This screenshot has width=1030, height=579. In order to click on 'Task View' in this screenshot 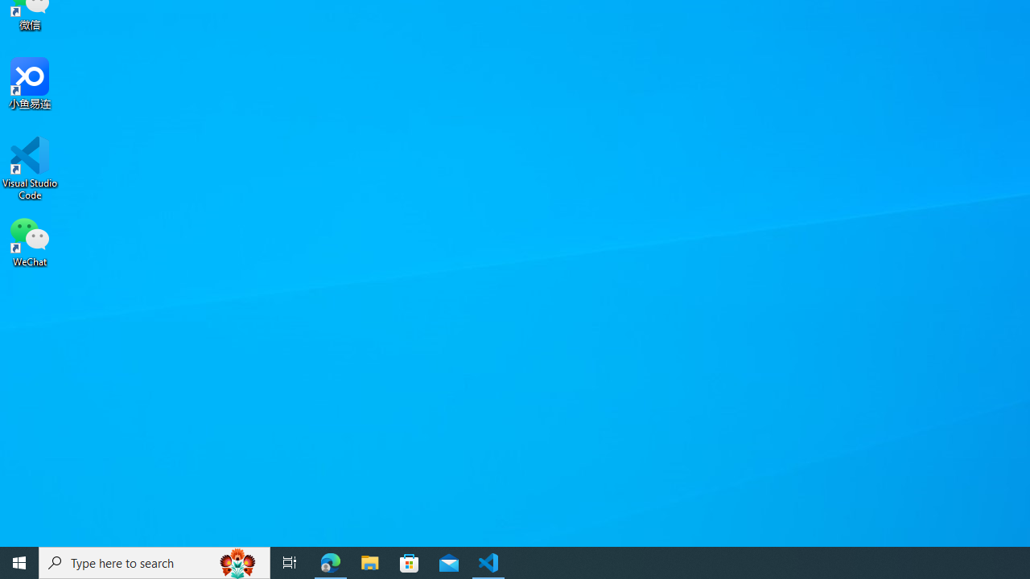, I will do `click(289, 561)`.